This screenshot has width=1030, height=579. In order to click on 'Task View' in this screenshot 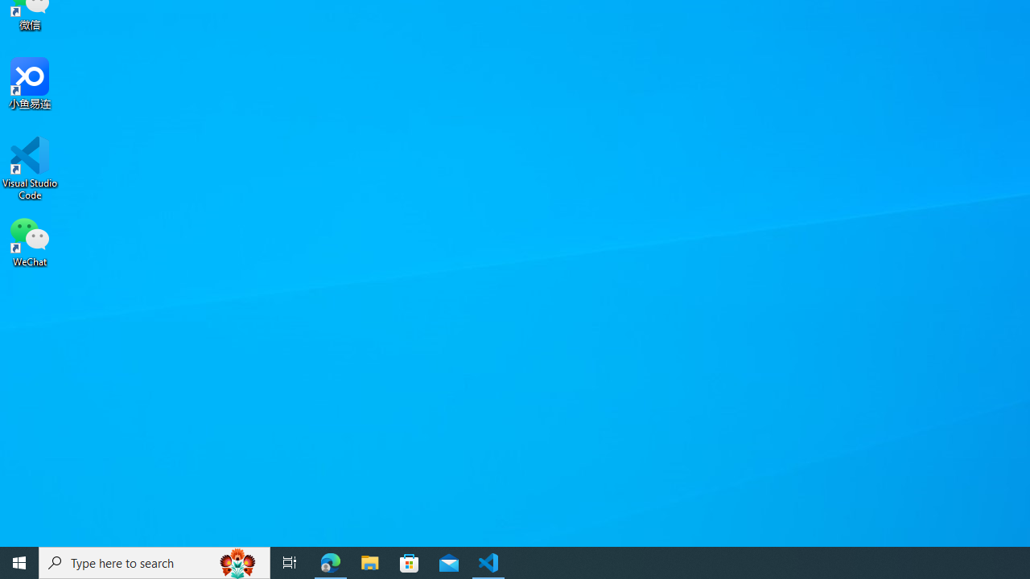, I will do `click(289, 561)`.